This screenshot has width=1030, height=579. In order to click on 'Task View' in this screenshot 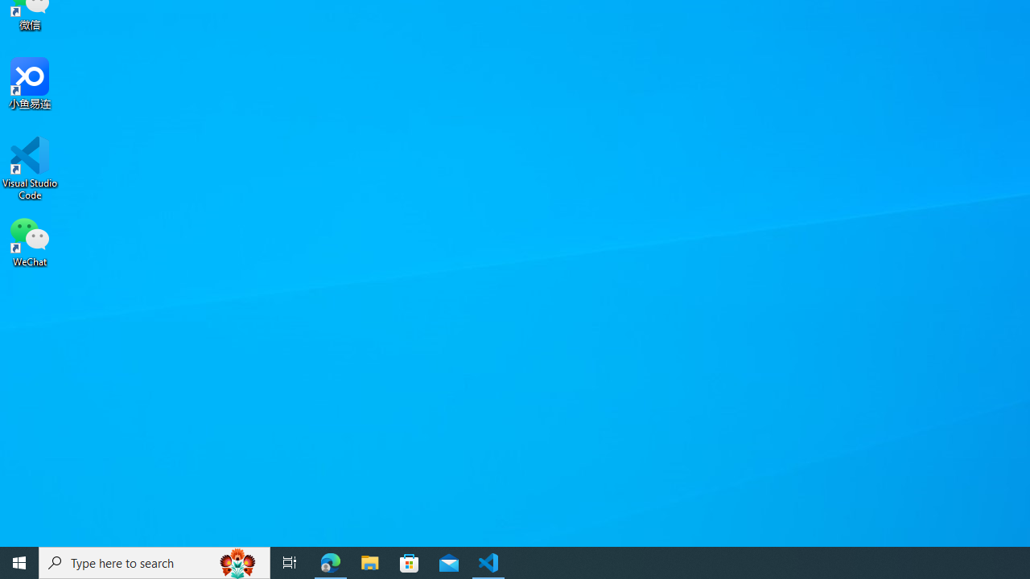, I will do `click(289, 561)`.